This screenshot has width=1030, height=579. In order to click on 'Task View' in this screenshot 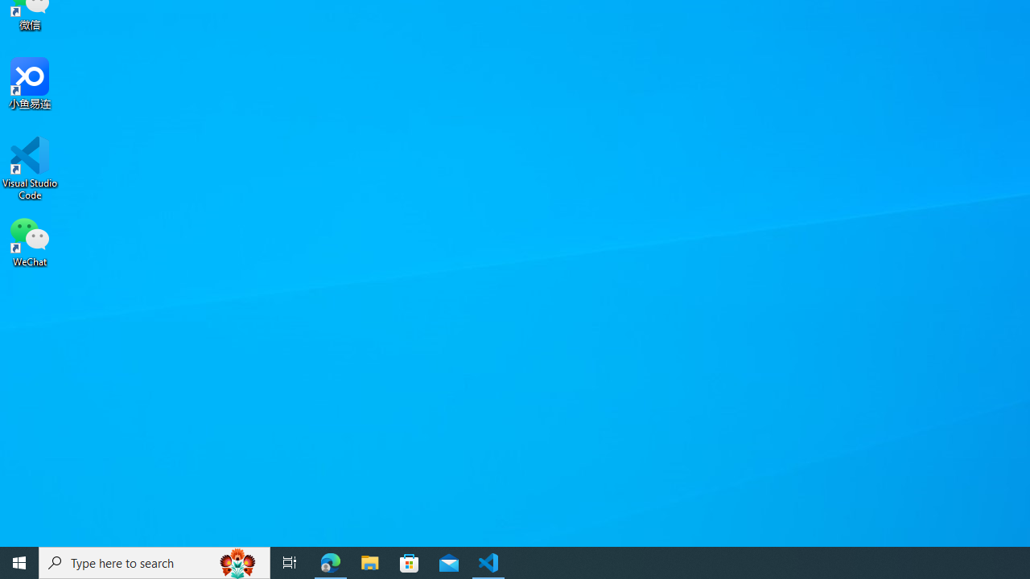, I will do `click(289, 561)`.